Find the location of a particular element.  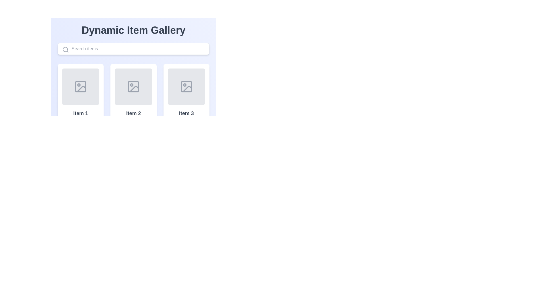

the rounded rectangle graphical component with a light gray border that is centrally positioned within the icon for 'Item 3' is located at coordinates (186, 86).